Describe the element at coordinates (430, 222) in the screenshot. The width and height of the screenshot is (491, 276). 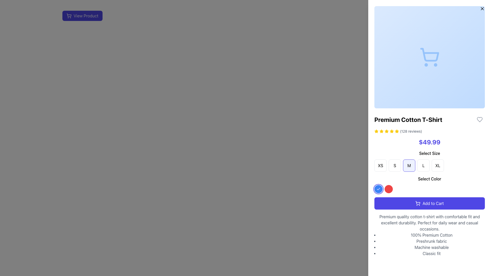
I see `product description text located directly below the blue 'Add to Cart' button, which details 'Premium quality cotton t-shirt with comfortable fit and excellent durability.'` at that location.